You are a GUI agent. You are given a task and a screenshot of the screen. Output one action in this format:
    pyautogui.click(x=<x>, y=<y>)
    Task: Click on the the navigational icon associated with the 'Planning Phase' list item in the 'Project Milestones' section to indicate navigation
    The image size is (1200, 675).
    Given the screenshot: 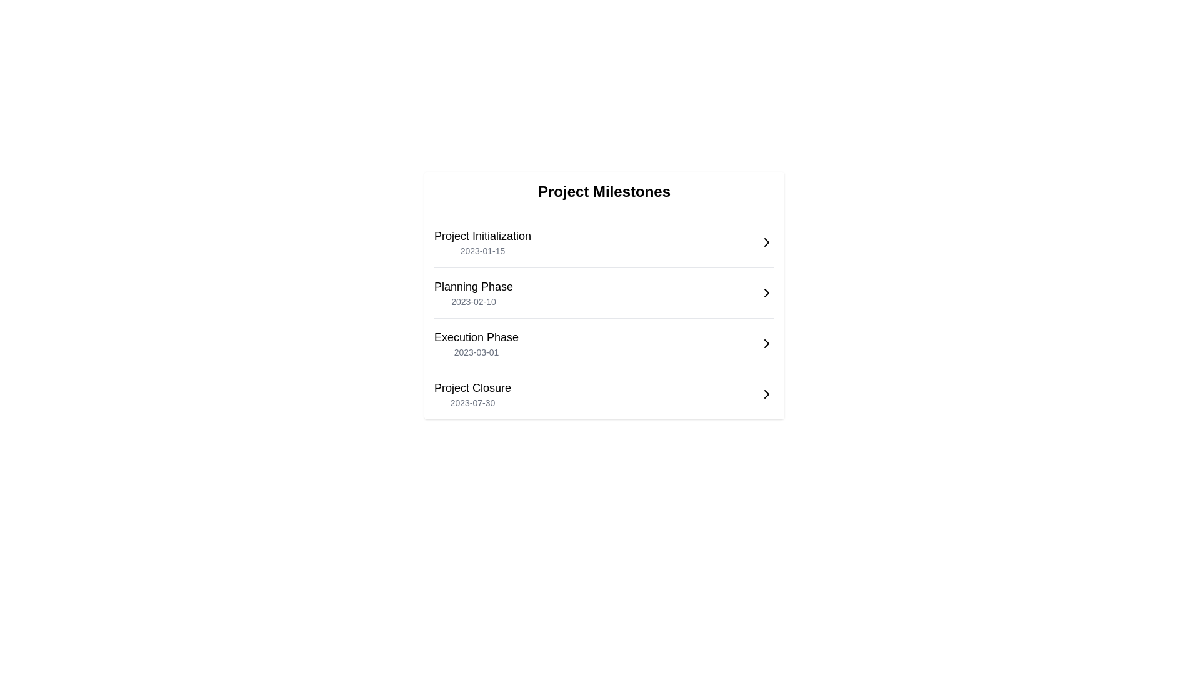 What is the action you would take?
    pyautogui.click(x=766, y=293)
    